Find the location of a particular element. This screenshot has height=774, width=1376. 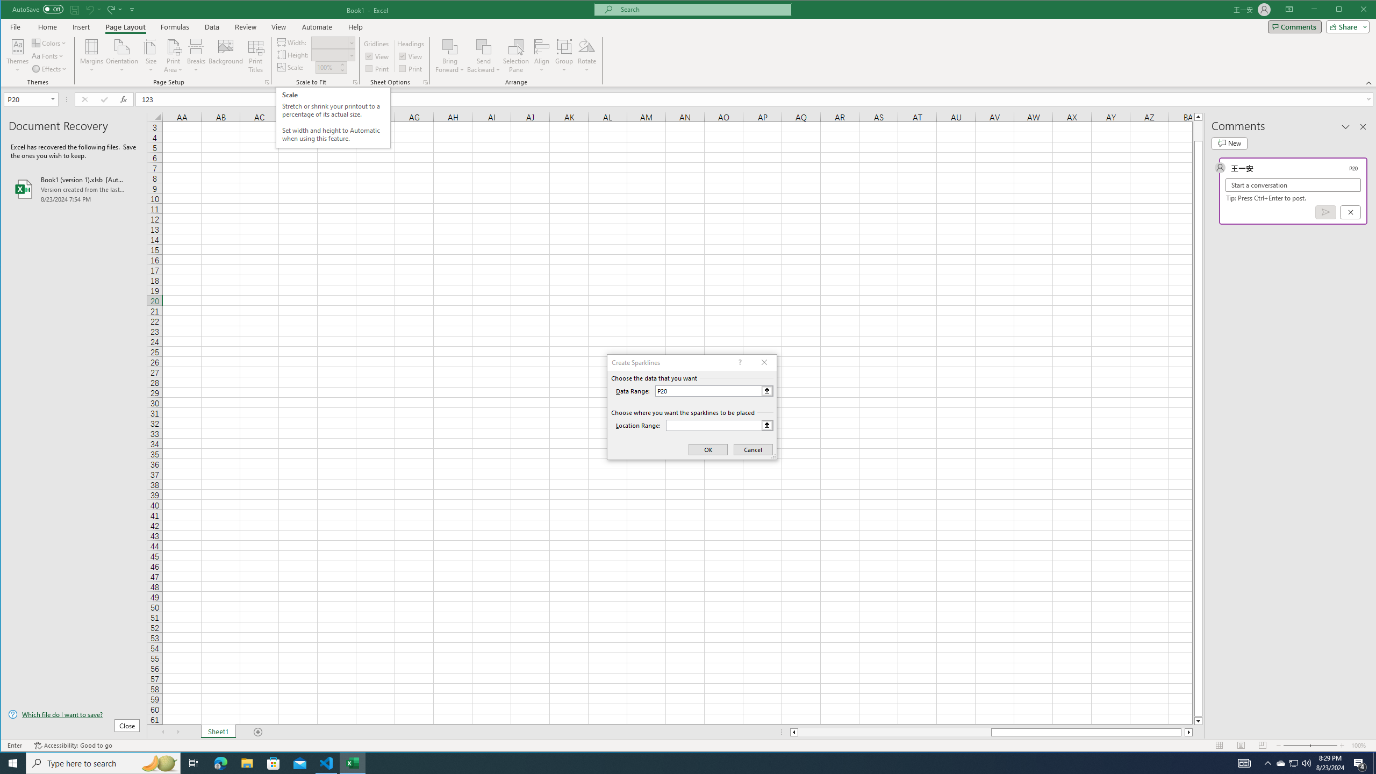

'Close pane' is located at coordinates (1363, 126).